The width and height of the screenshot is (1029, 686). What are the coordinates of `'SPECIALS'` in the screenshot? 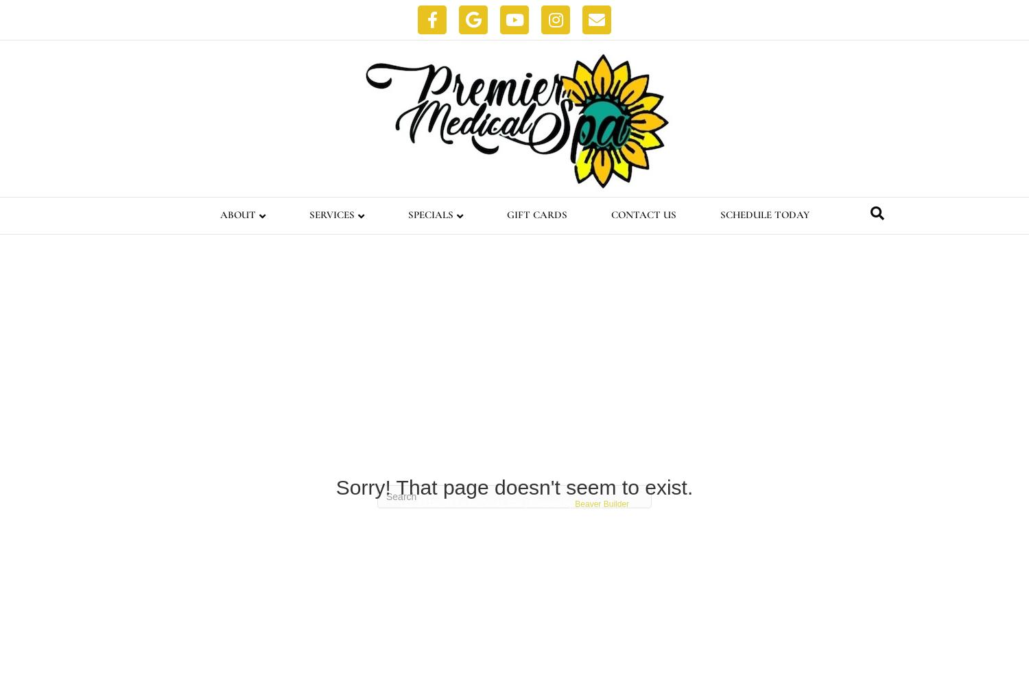 It's located at (430, 214).